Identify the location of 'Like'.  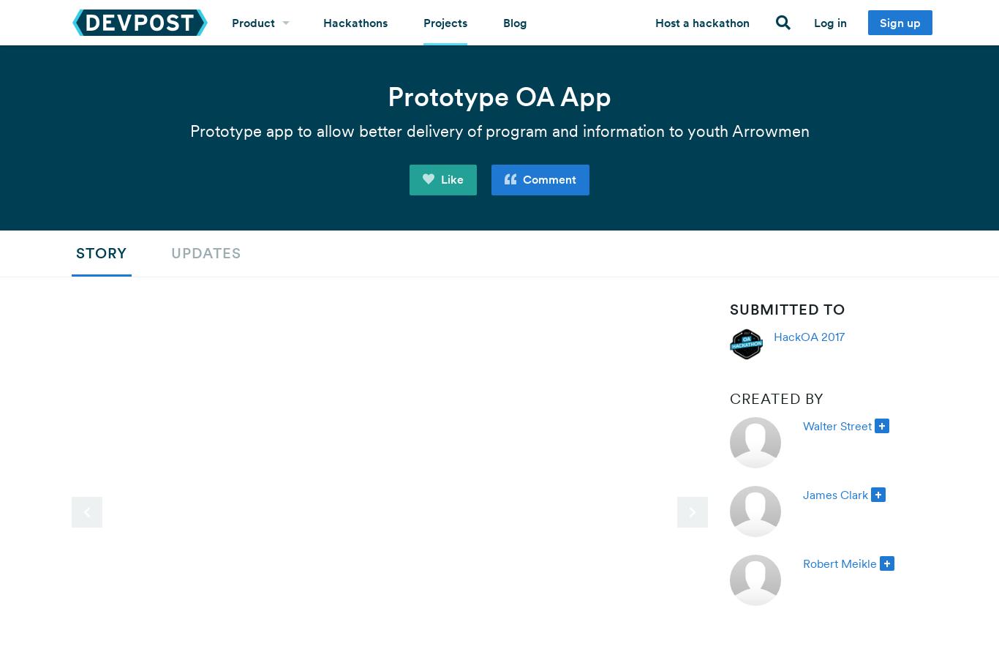
(450, 178).